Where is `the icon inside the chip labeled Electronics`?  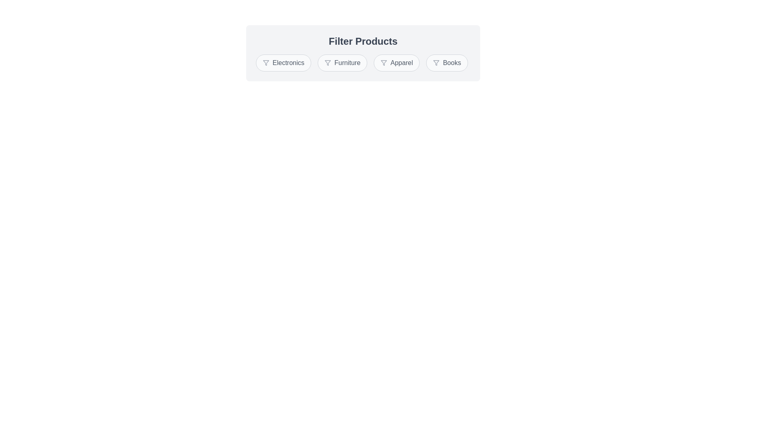
the icon inside the chip labeled Electronics is located at coordinates (266, 62).